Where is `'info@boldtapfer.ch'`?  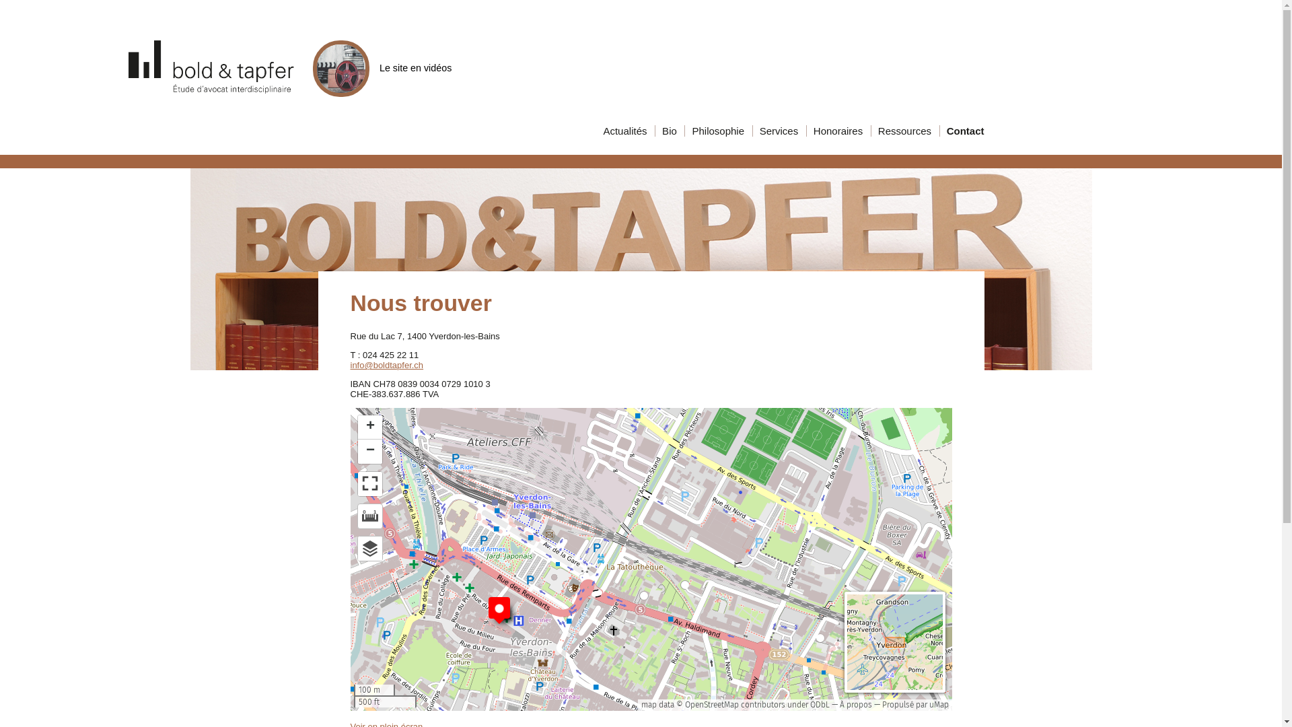
'info@boldtapfer.ch' is located at coordinates (386, 365).